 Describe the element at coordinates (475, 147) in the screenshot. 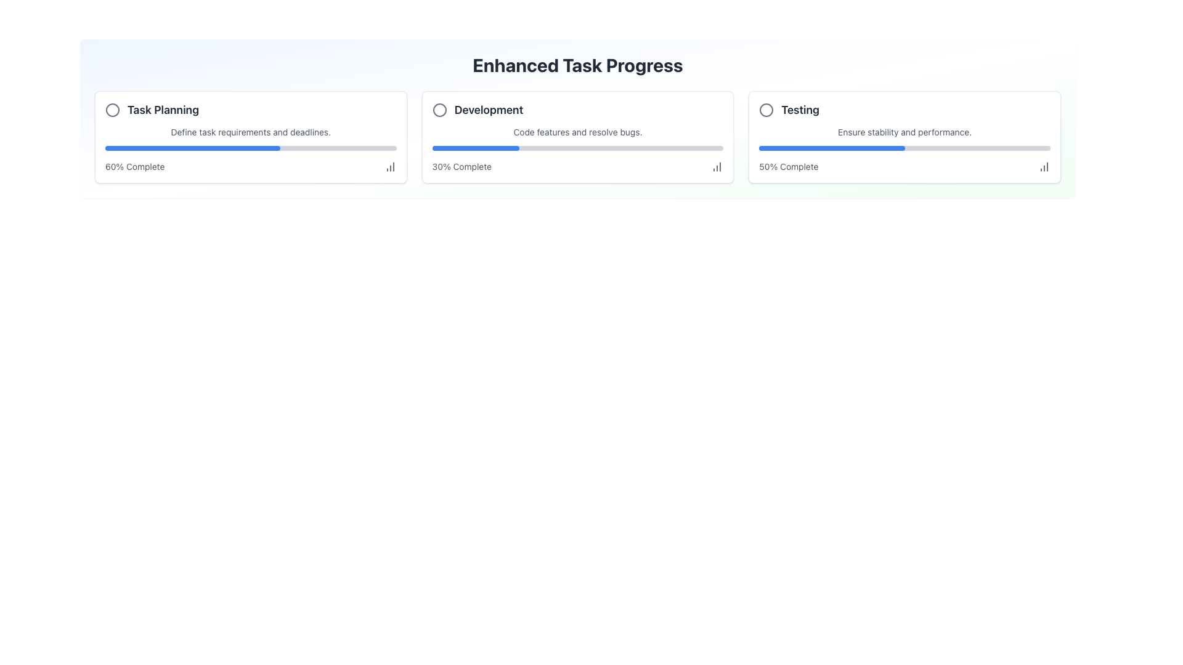

I see `the blue progress bar segment representing 30% completion located in the Development section` at that location.